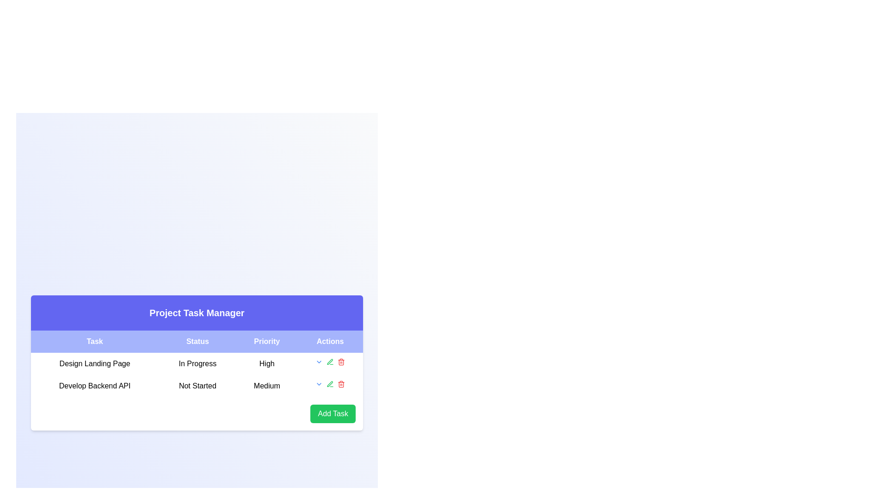 The height and width of the screenshot is (500, 888). I want to click on the header bar with the bold text 'Project Task Manager' that has an indigo background and white text, so click(197, 312).